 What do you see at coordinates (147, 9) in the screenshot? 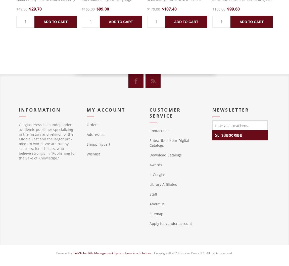
I see `'$179.00'` at bounding box center [147, 9].